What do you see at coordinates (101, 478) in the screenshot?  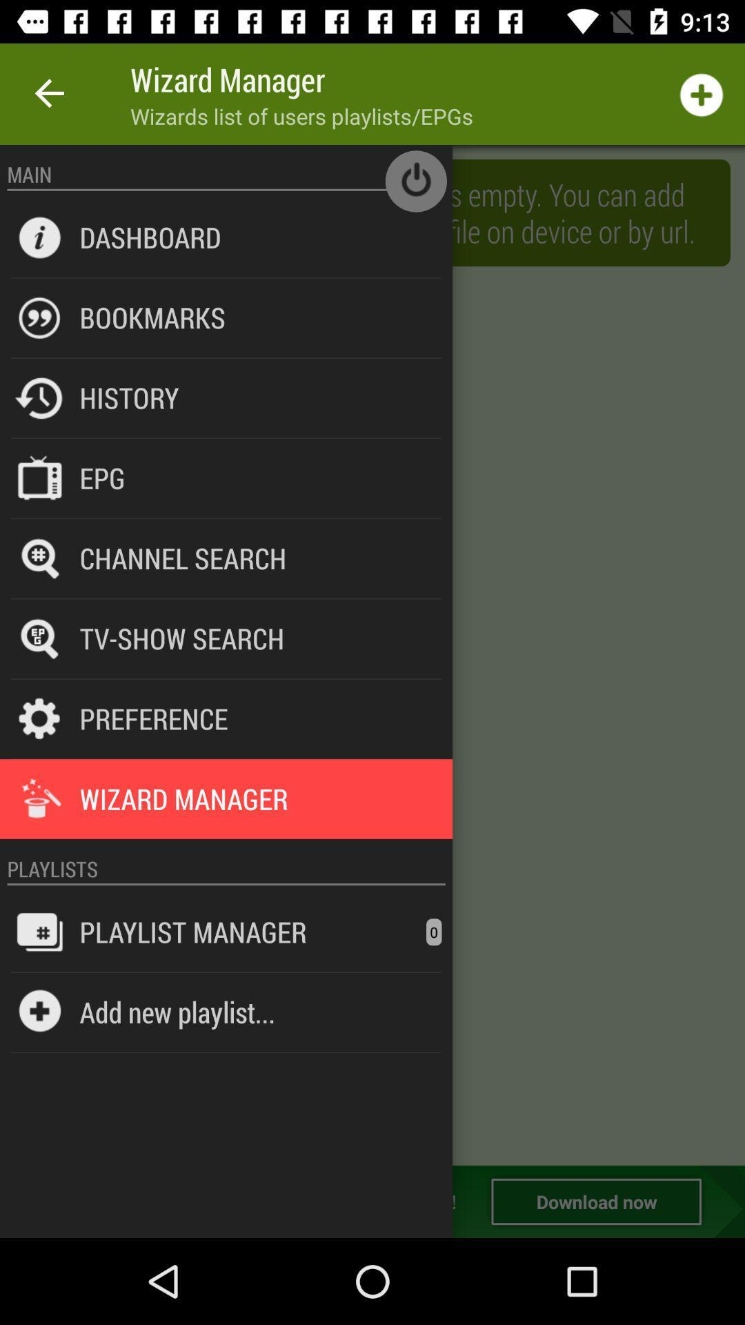 I see `epg` at bounding box center [101, 478].